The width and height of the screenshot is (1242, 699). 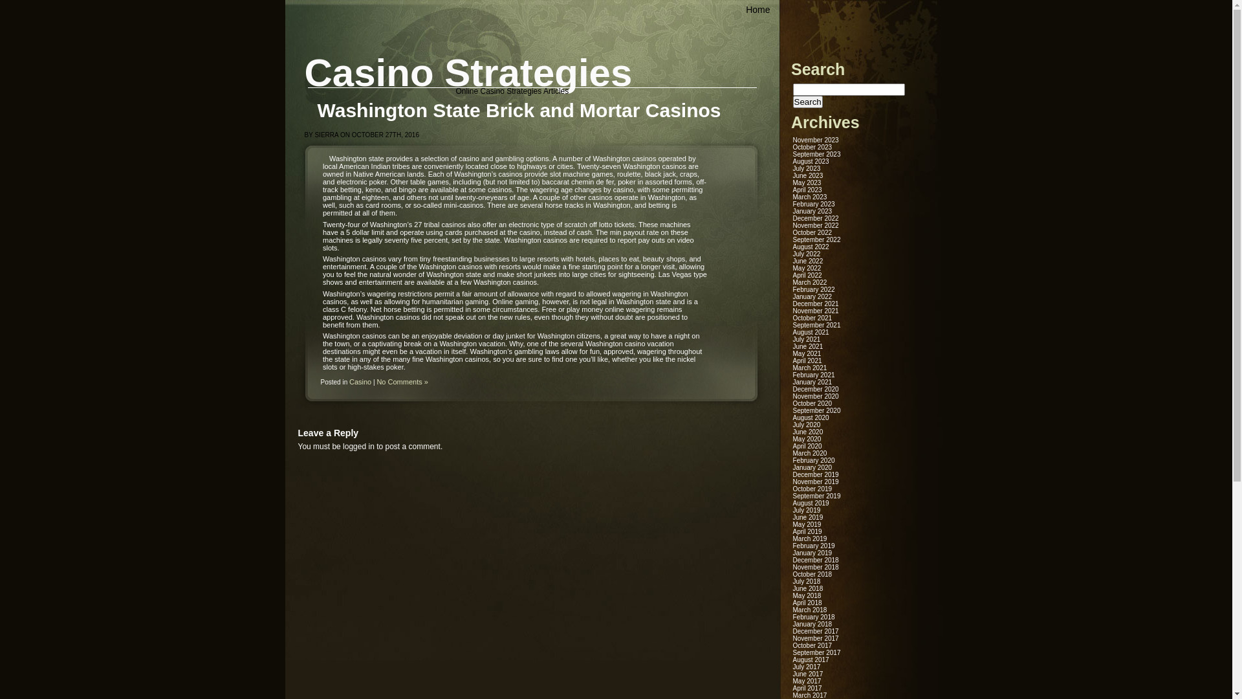 What do you see at coordinates (812, 467) in the screenshot?
I see `'January 2020'` at bounding box center [812, 467].